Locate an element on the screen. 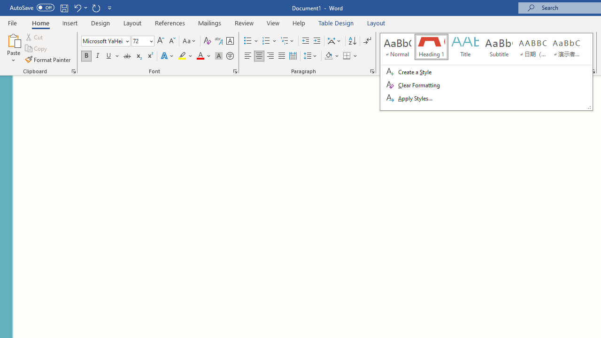 The height and width of the screenshot is (338, 601). 'Multilevel List' is located at coordinates (287, 40).